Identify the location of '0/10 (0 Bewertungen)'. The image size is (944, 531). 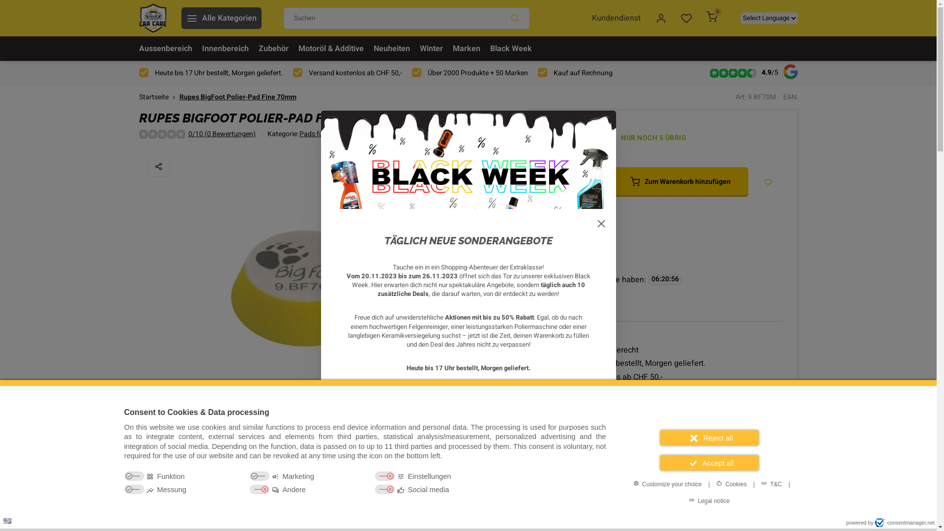
(188, 134).